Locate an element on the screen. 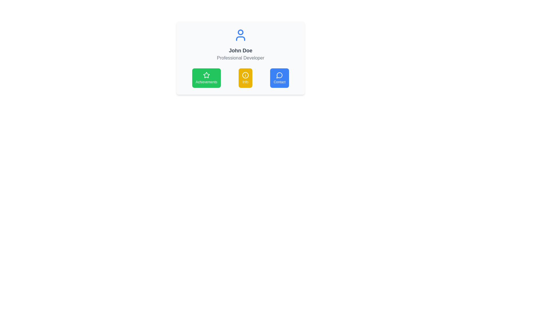  the user profile icon, which is a blue outlined stylized human figure located above the text 'John Doe' and 'Professional Developer' is located at coordinates (241, 35).